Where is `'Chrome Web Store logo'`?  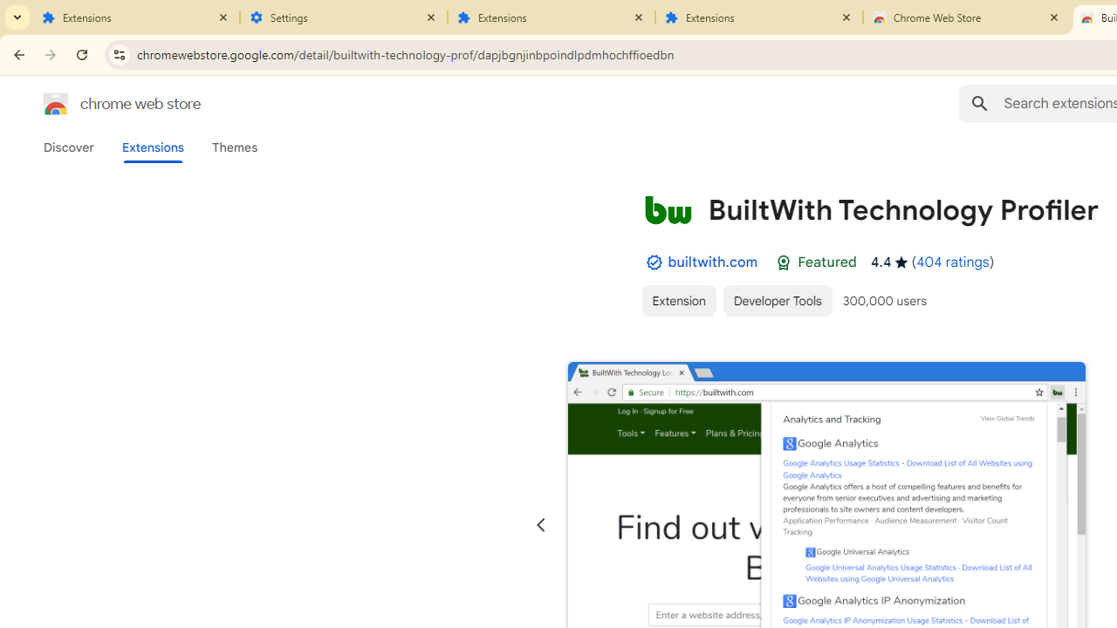 'Chrome Web Store logo' is located at coordinates (56, 104).